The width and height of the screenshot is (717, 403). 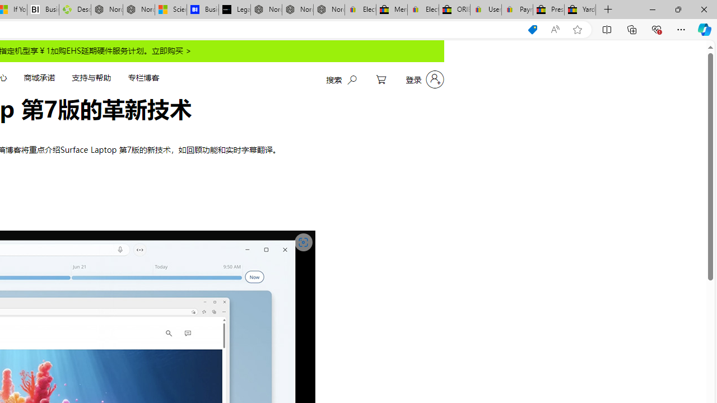 I want to click on 'Payments Terms of Use | eBay.com', so click(x=516, y=10).